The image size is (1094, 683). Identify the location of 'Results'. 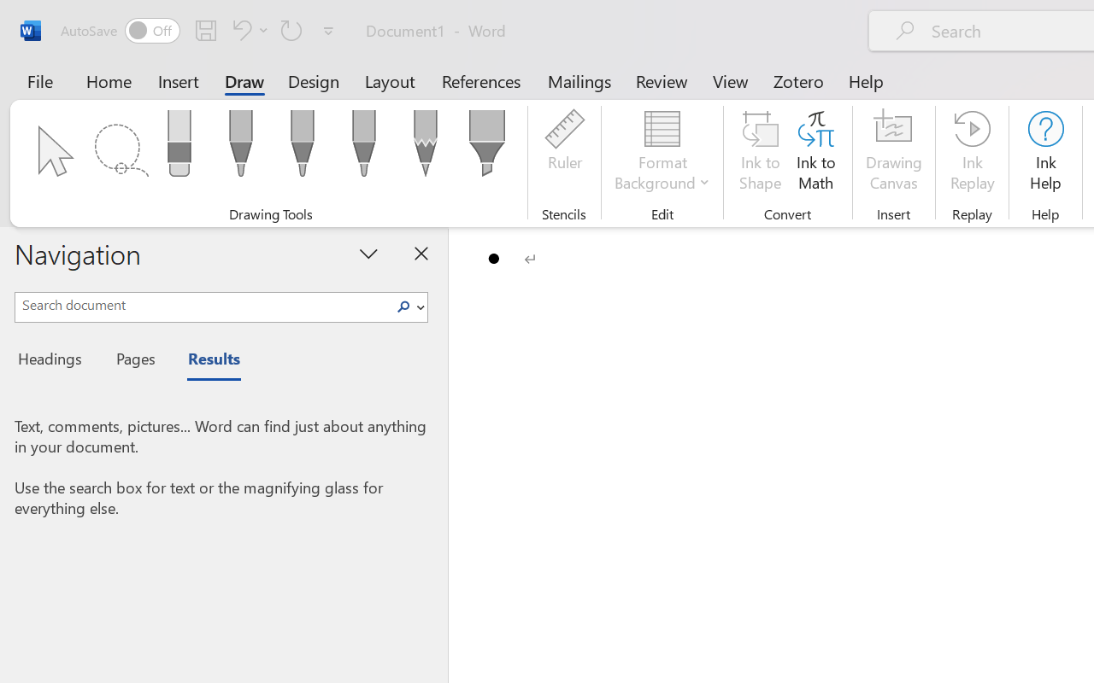
(205, 361).